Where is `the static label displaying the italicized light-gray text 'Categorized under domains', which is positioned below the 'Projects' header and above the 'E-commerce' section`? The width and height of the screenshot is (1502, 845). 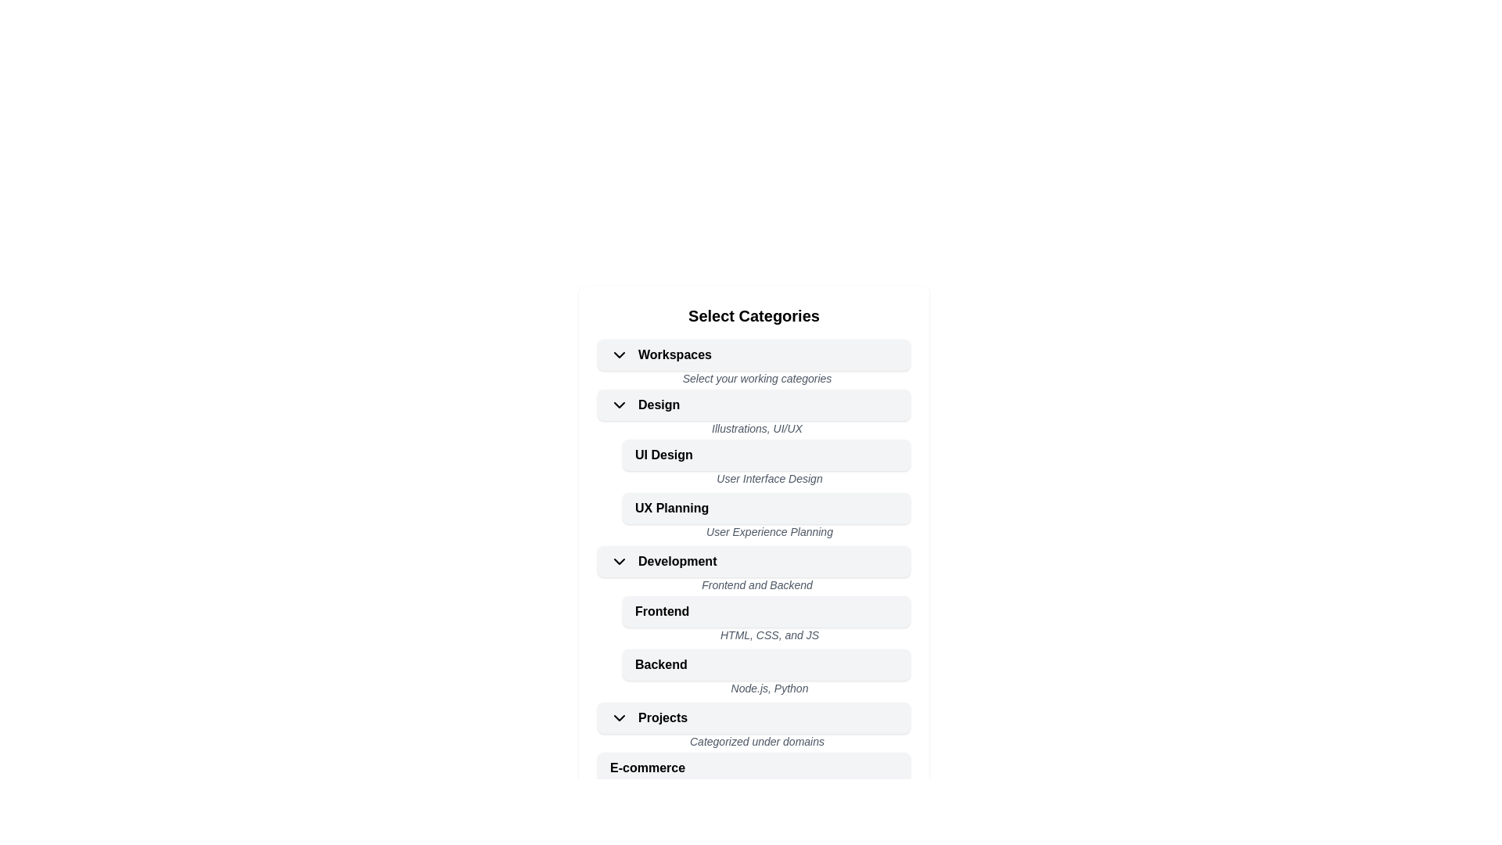 the static label displaying the italicized light-gray text 'Categorized under domains', which is positioned below the 'Projects' header and above the 'E-commerce' section is located at coordinates (754, 742).